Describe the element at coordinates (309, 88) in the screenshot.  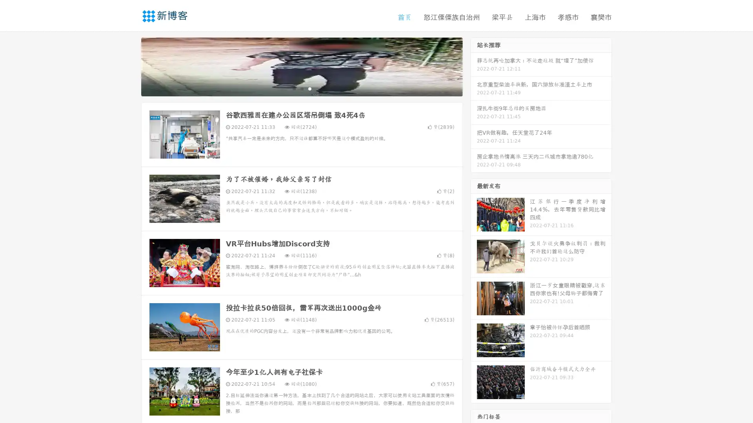
I see `Go to slide 3` at that location.